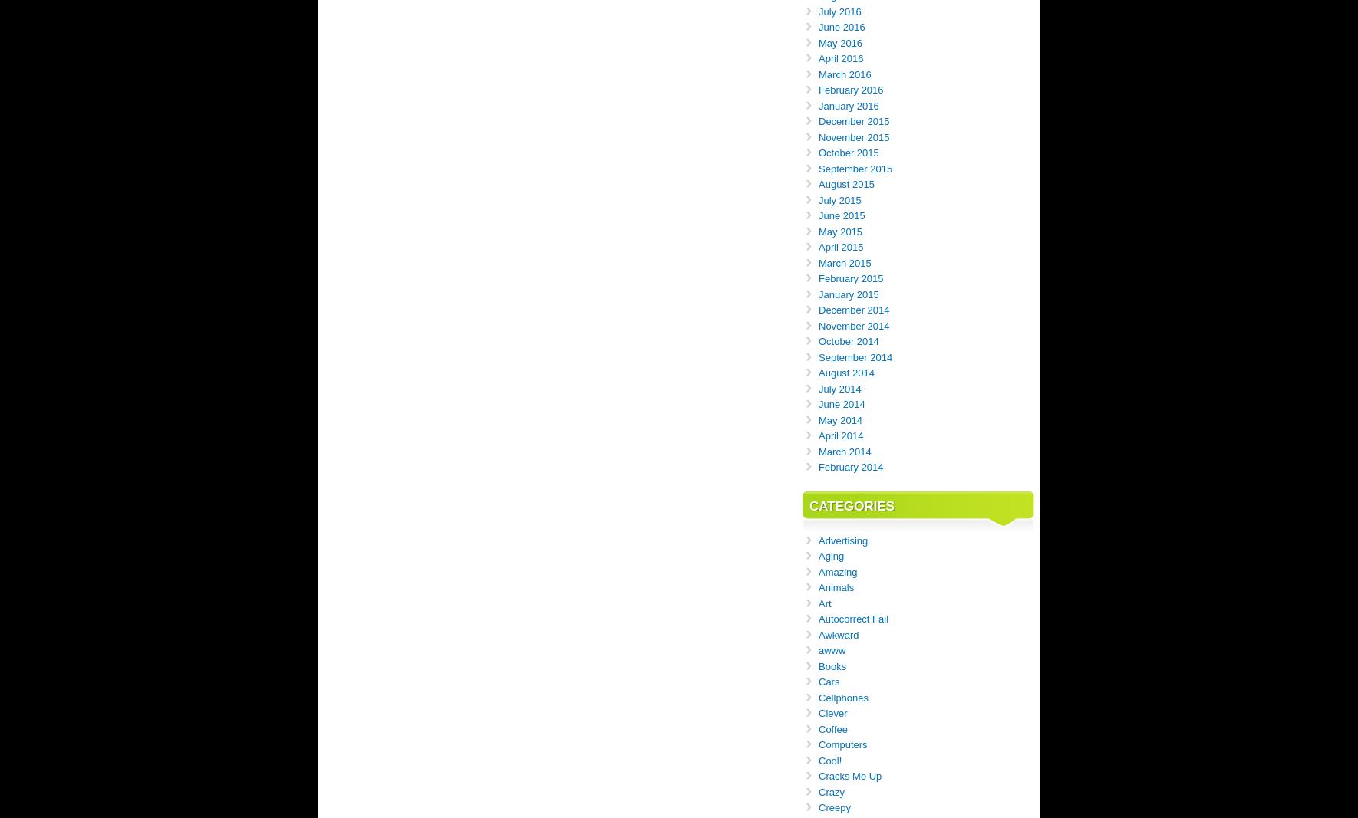  What do you see at coordinates (842, 744) in the screenshot?
I see `'Computers'` at bounding box center [842, 744].